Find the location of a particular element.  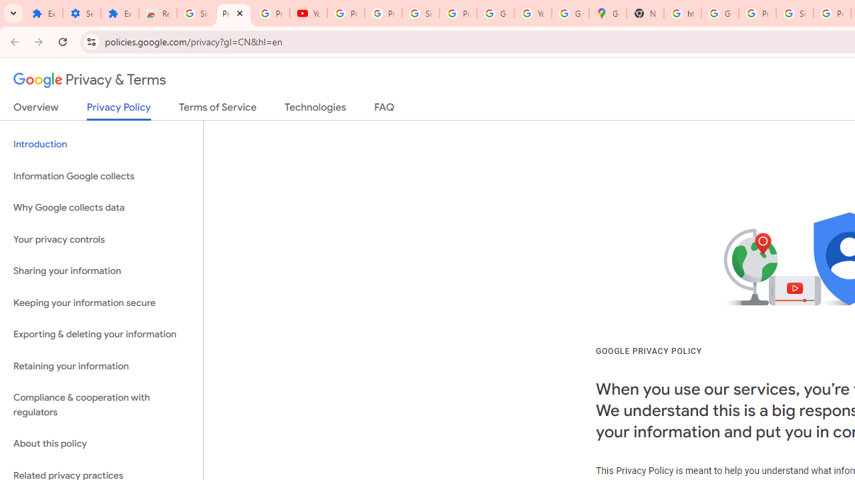

'Compliance & cooperation with regulators' is located at coordinates (101, 405).